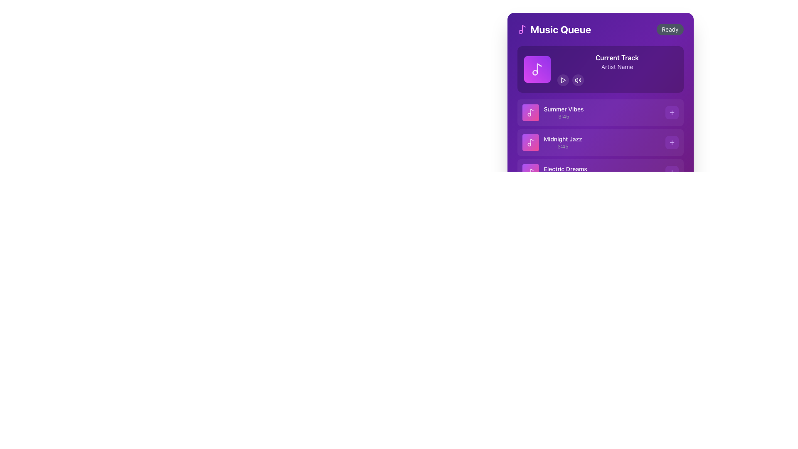 Image resolution: width=798 pixels, height=449 pixels. Describe the element at coordinates (553, 112) in the screenshot. I see `the second entry in the playlist titled 'Summer Vibes'` at that location.